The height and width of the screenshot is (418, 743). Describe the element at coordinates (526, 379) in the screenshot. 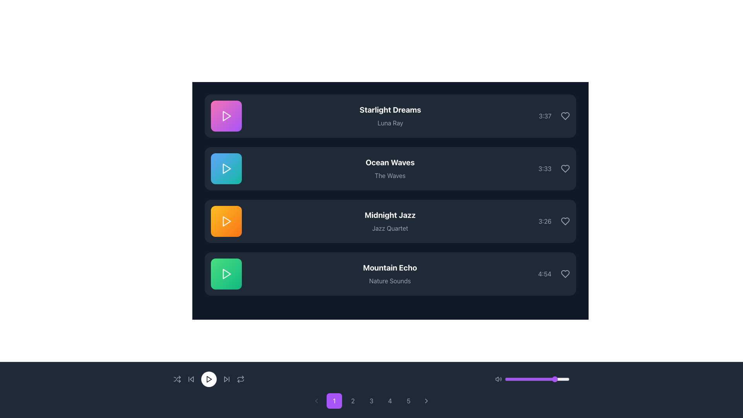

I see `the volume` at that location.